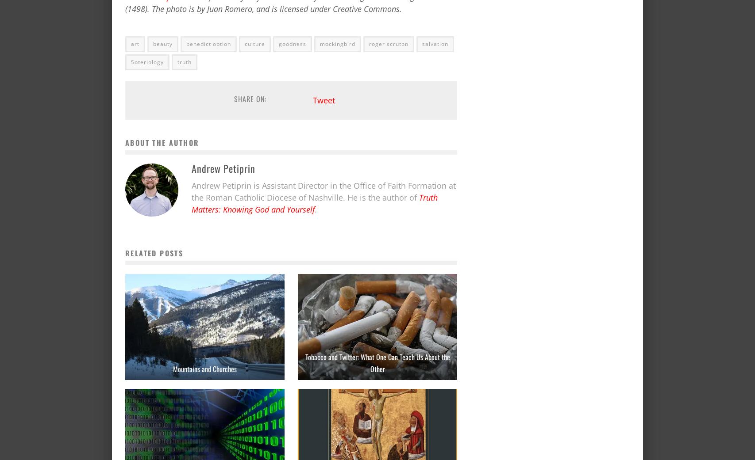  What do you see at coordinates (337, 43) in the screenshot?
I see `'mockingbird'` at bounding box center [337, 43].